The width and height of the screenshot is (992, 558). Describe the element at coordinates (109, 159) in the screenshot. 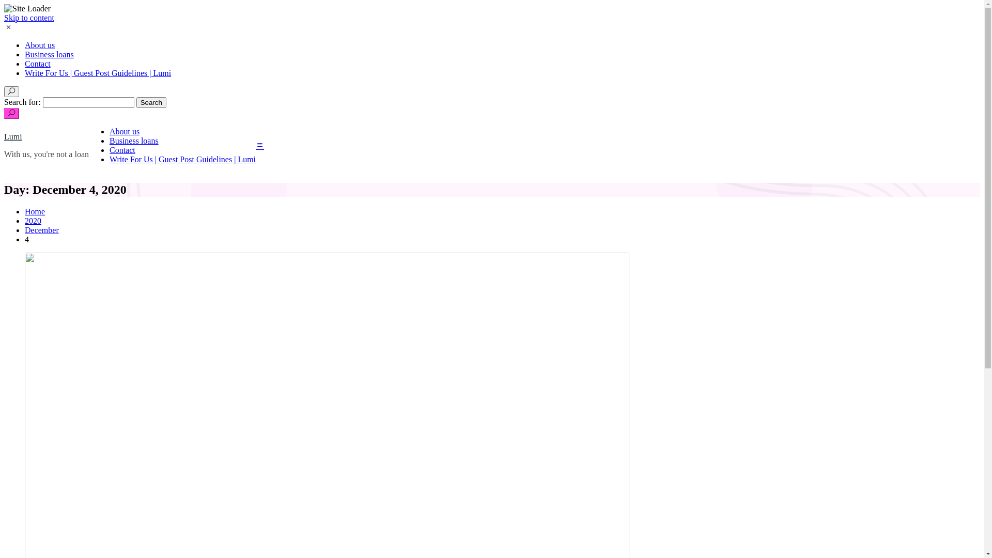

I see `'Write For Us | Guest Post Guidelines | Lumi'` at that location.